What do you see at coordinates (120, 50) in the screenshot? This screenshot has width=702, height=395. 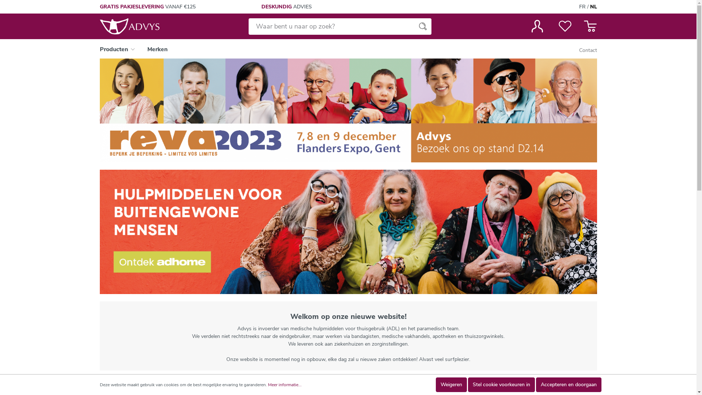 I see `'Producten'` at bounding box center [120, 50].